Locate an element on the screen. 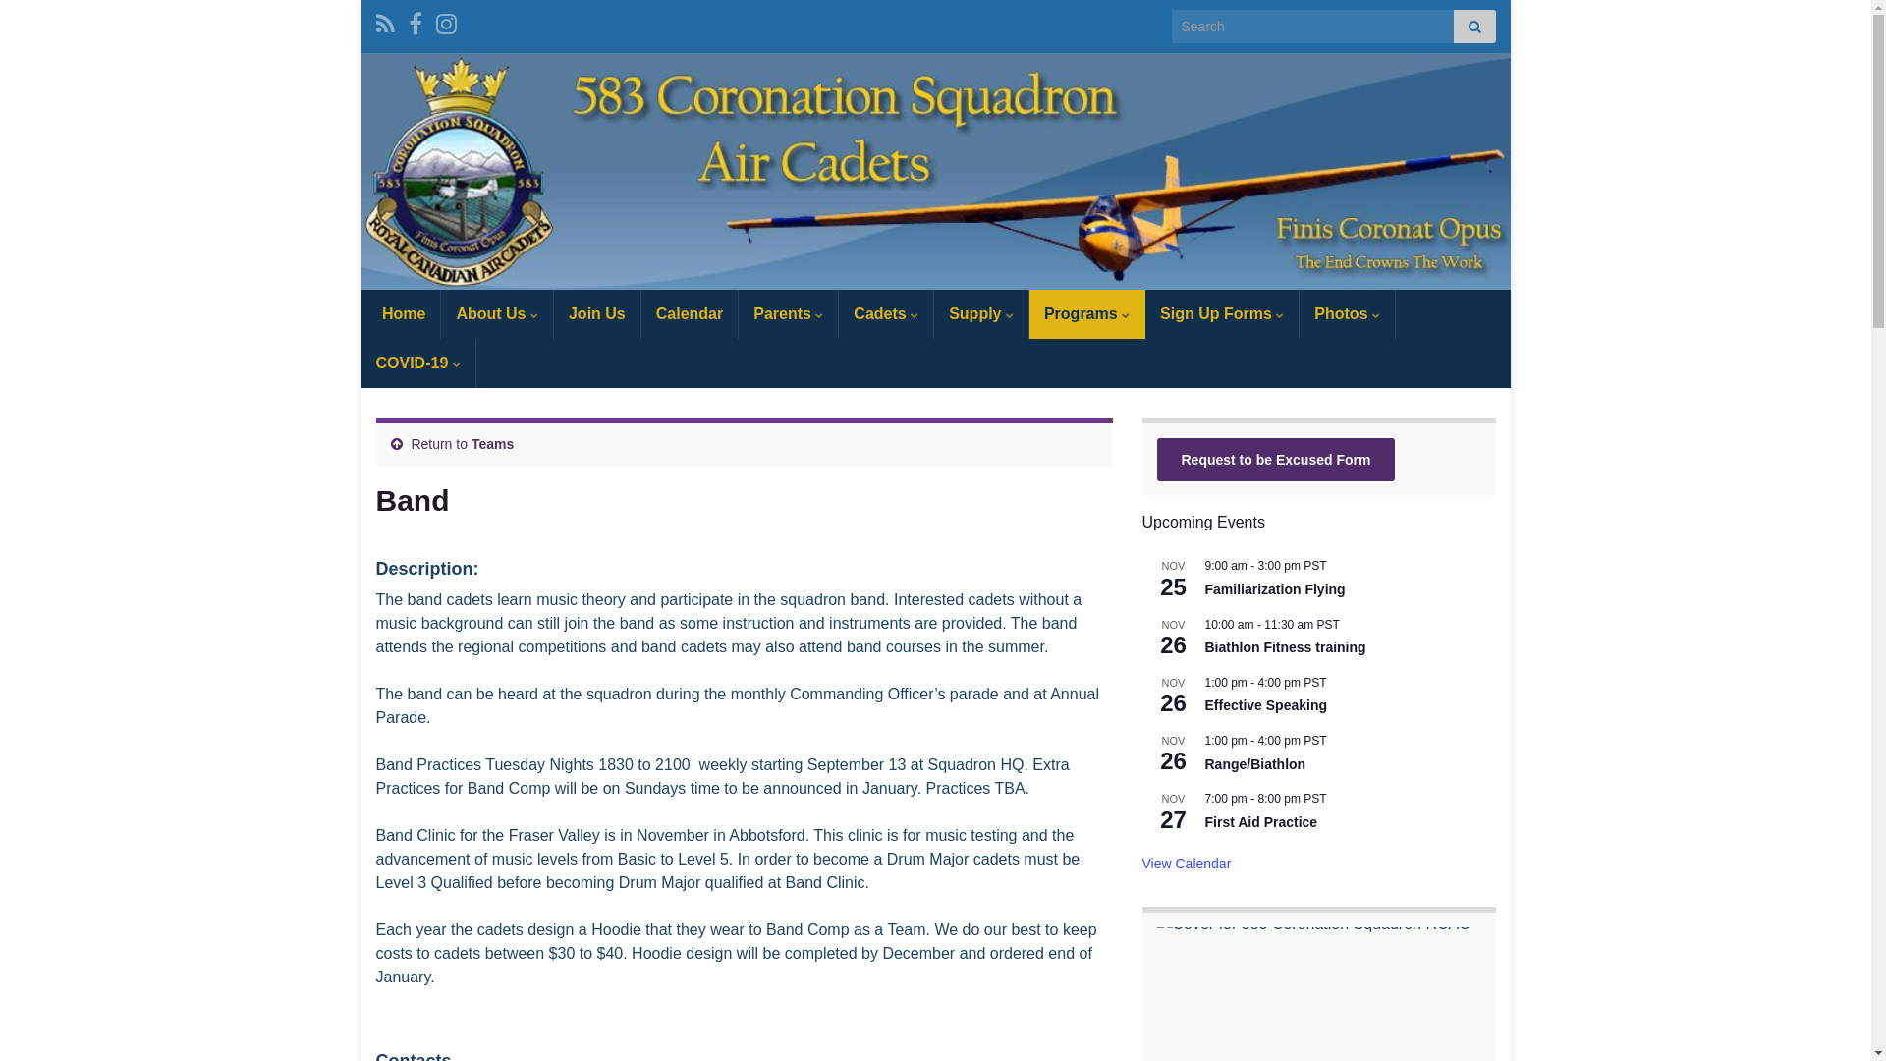 Image resolution: width=1886 pixels, height=1061 pixels. 'Familiarization Flying' is located at coordinates (1274, 588).